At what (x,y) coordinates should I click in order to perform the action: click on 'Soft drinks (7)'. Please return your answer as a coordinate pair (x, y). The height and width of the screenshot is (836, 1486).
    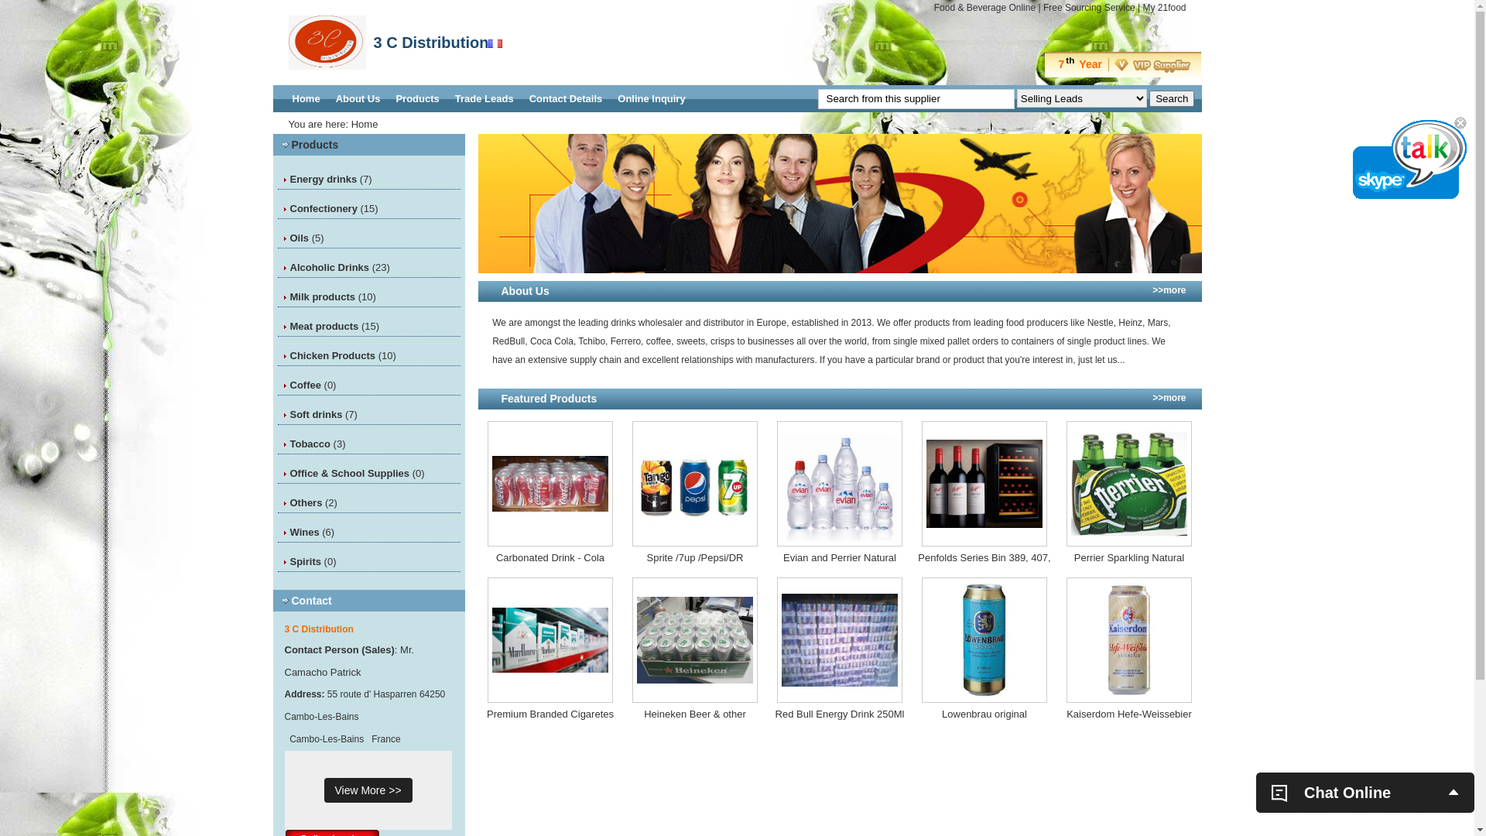
    Looking at the image, I should click on (322, 413).